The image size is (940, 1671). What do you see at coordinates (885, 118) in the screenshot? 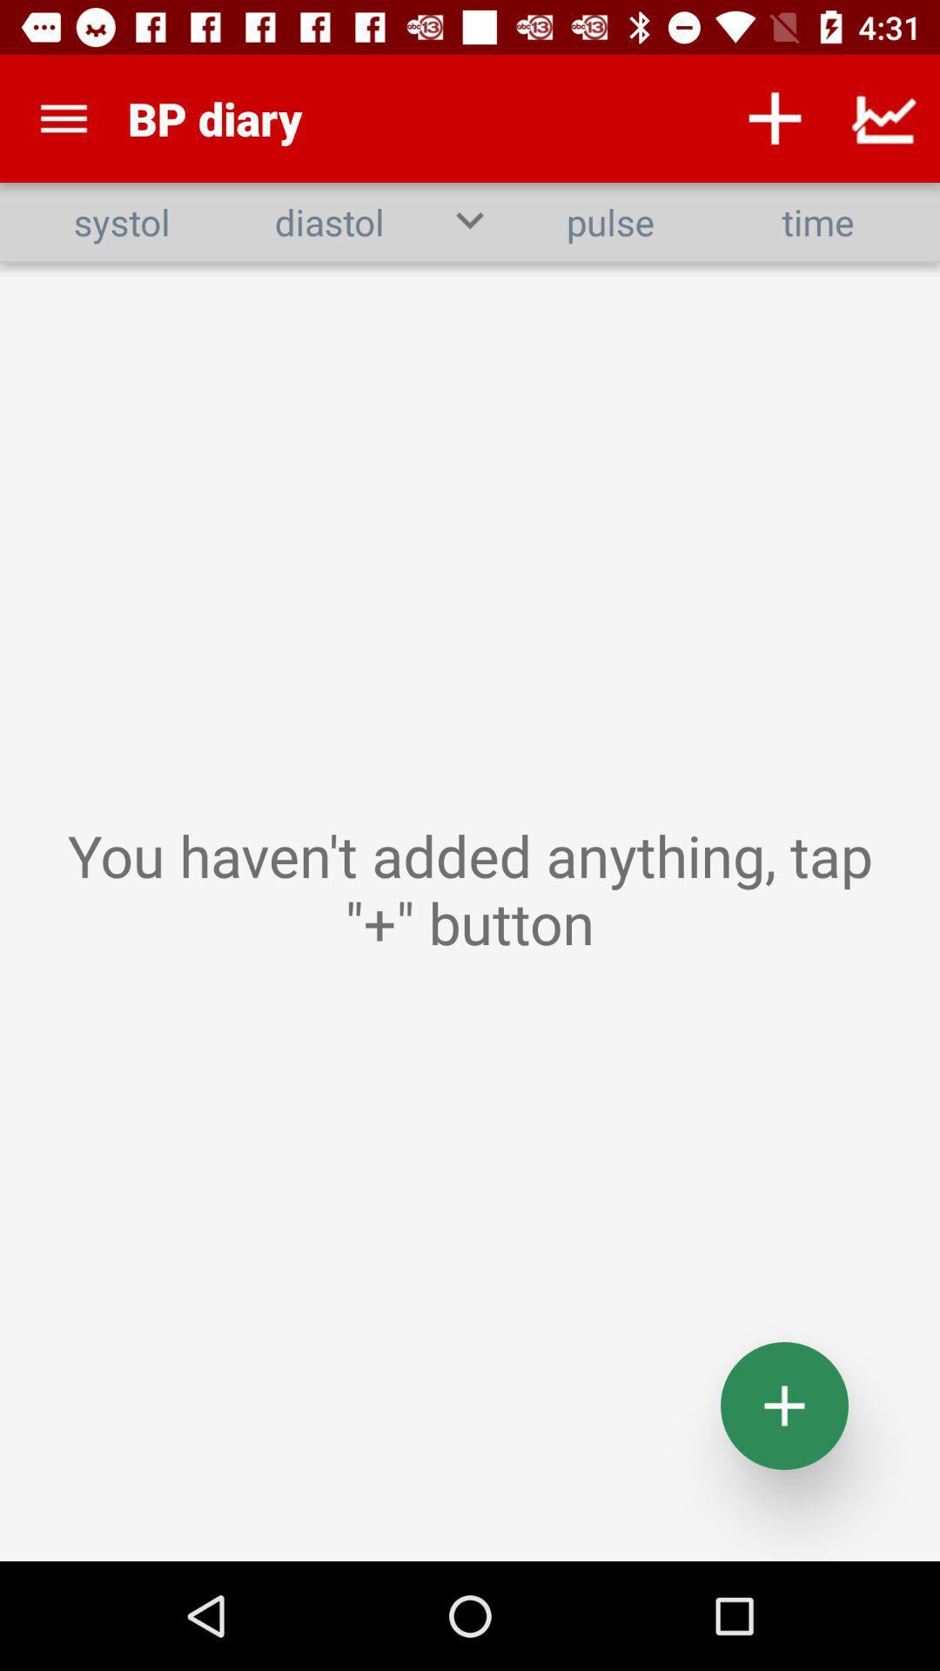
I see `icon which is at top right corner` at bounding box center [885, 118].